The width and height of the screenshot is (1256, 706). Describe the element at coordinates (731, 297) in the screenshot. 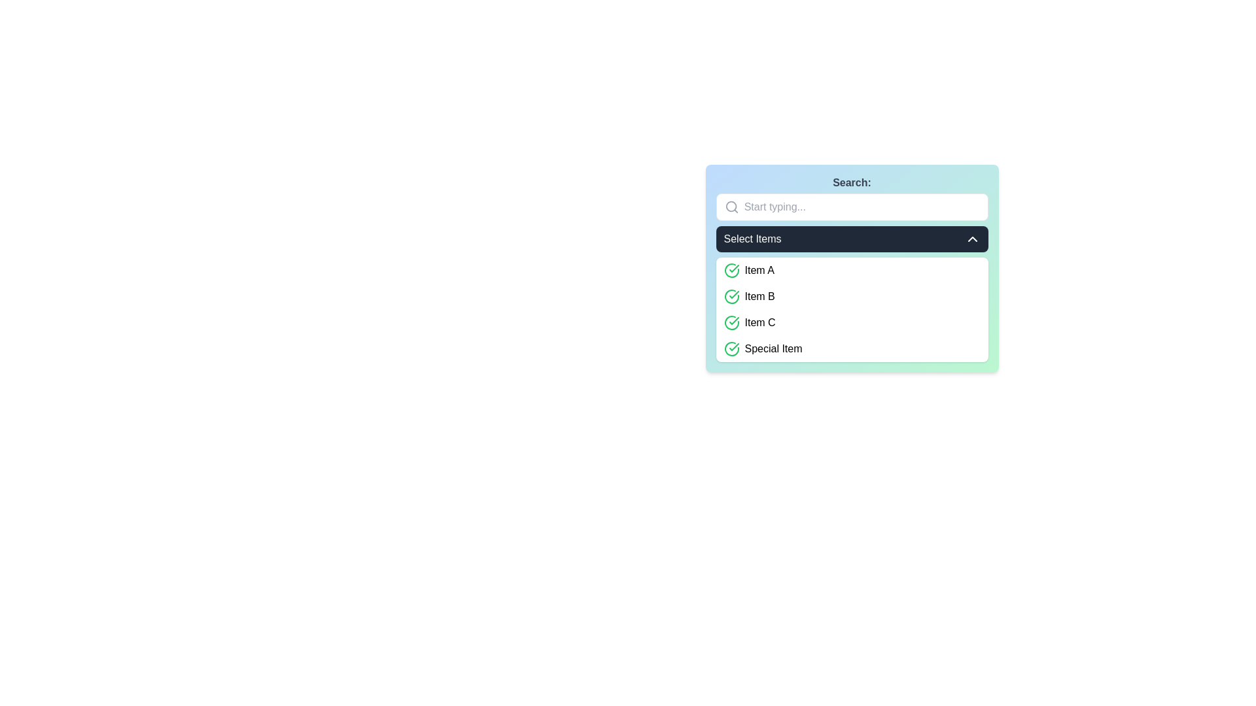

I see `the indicator icon for 'Item B' which confirms the selection of this item, located to the left of the text in the list option` at that location.